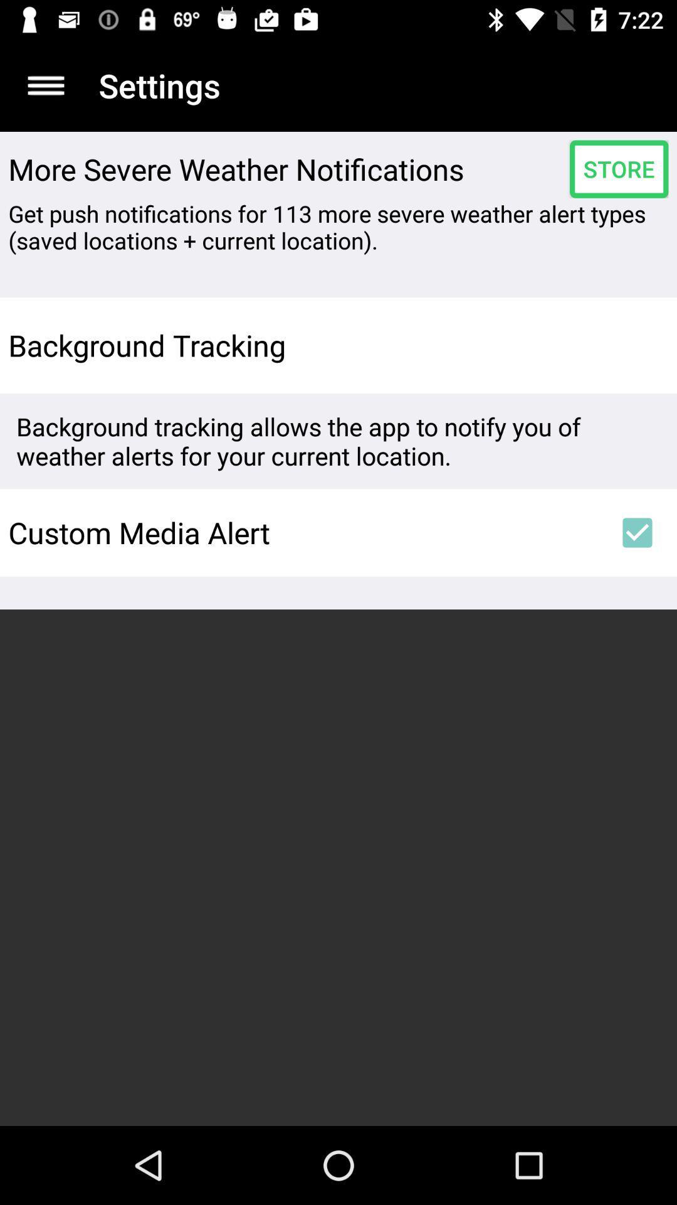 This screenshot has height=1205, width=677. I want to click on the app to the left of settings app, so click(45, 85).